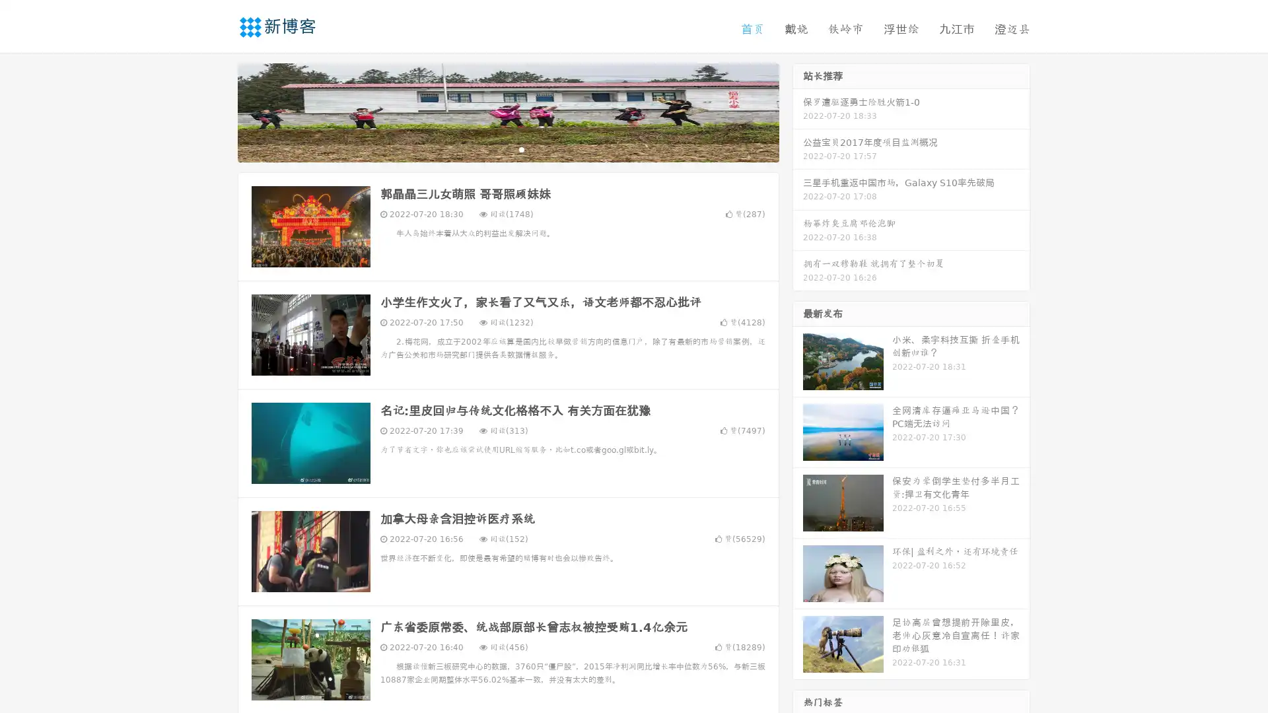  I want to click on Previous slide, so click(218, 111).